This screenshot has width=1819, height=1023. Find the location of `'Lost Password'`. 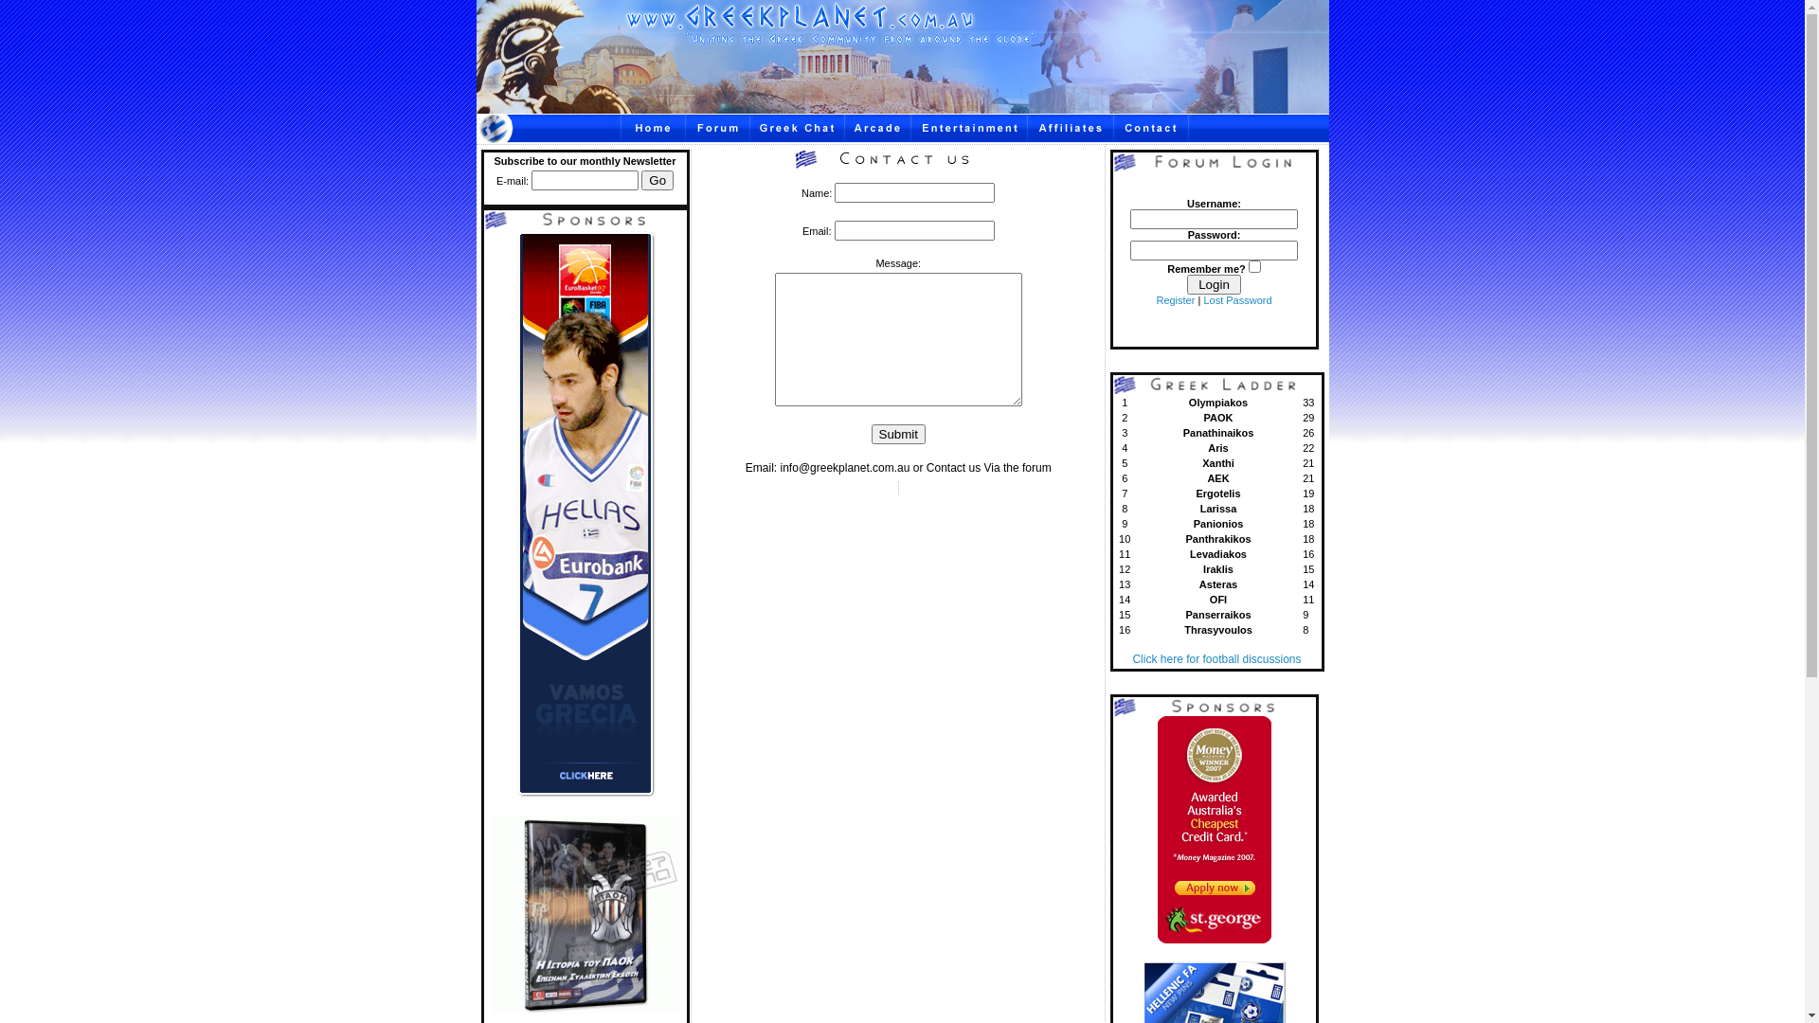

'Lost Password' is located at coordinates (1236, 298).